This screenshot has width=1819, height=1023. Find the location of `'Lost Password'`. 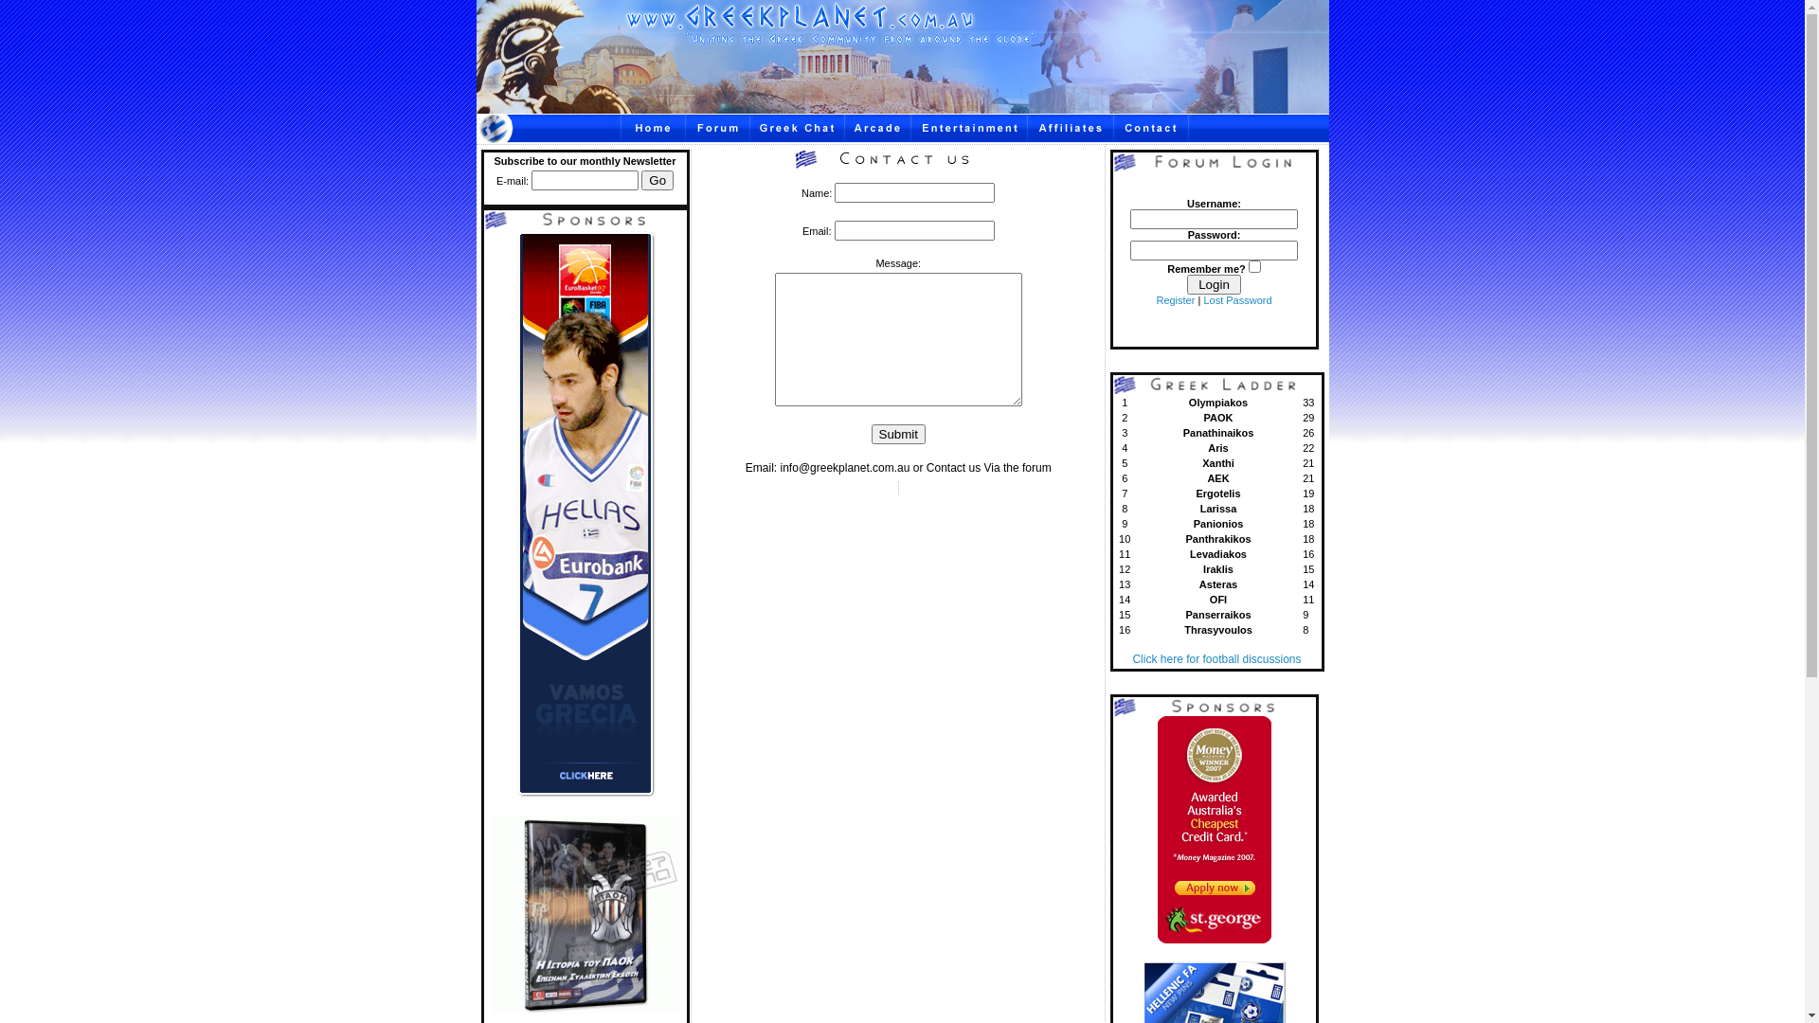

'Lost Password' is located at coordinates (1236, 298).